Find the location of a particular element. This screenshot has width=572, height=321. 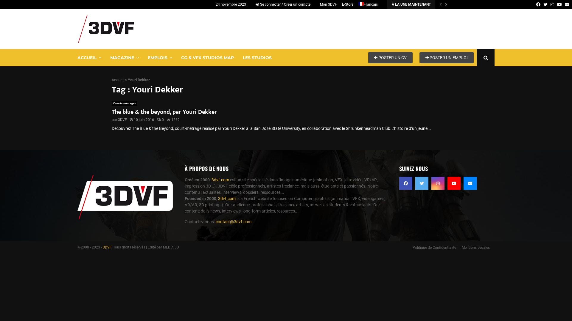

'MAGAZINE' is located at coordinates (124, 57).